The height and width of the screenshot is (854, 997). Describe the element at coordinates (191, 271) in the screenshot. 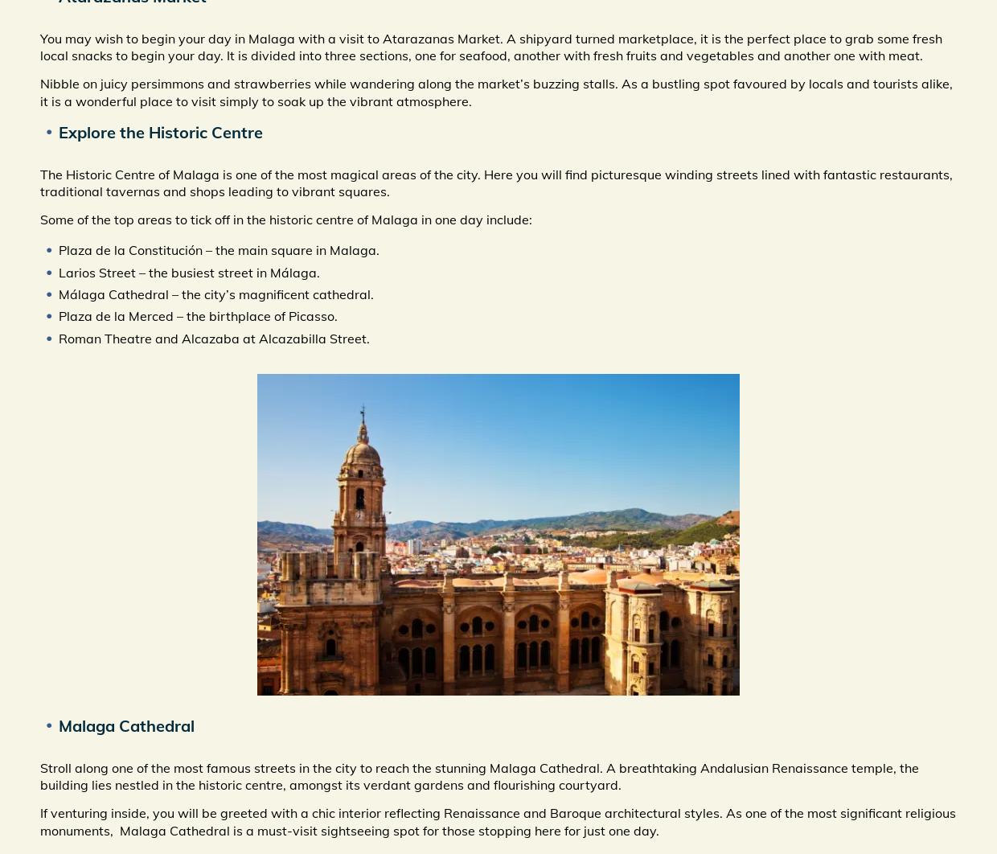

I see `'Larios Street – the busiest street in Málaga.'` at that location.